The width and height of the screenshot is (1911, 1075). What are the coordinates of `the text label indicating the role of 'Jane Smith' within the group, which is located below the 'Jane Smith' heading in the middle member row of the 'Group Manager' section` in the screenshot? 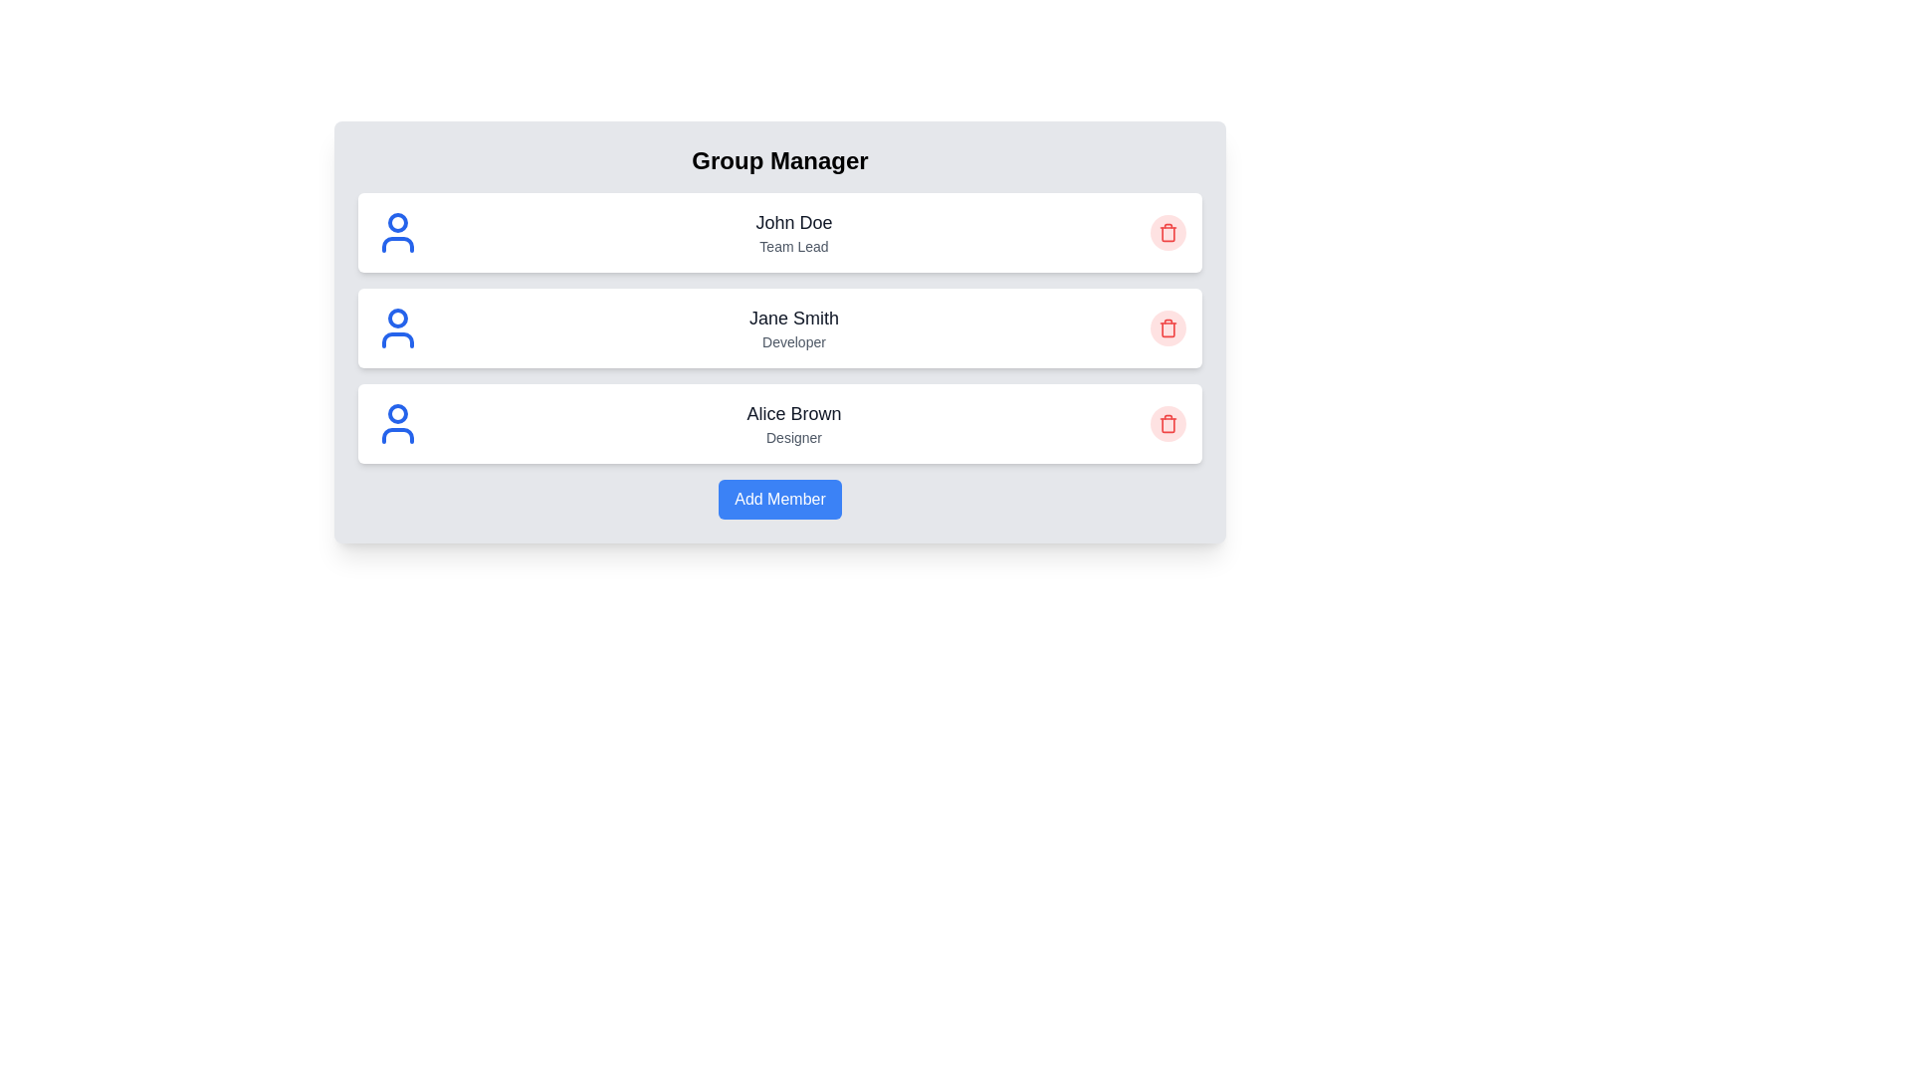 It's located at (792, 340).